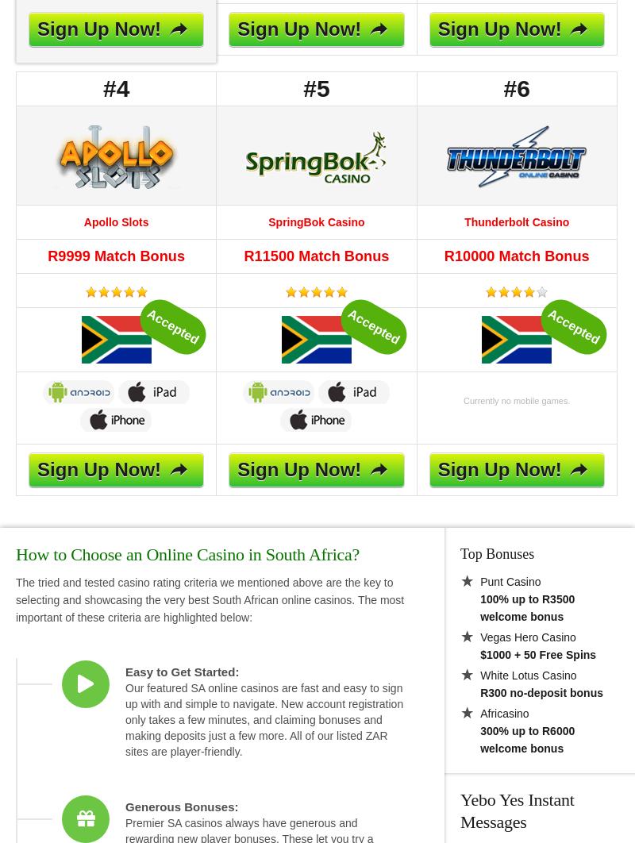 The height and width of the screenshot is (843, 635). Describe the element at coordinates (209, 600) in the screenshot. I see `'The tried and tested casino rating criteria we mentioned above are the key to selecting and showcasing the very best South African online casinos. The most important of these criteria are highlighted below:'` at that location.